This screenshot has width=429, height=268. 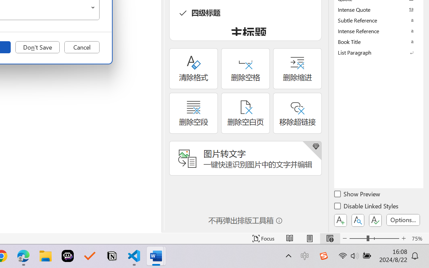 What do you see at coordinates (37, 47) in the screenshot?
I see `'Don'` at bounding box center [37, 47].